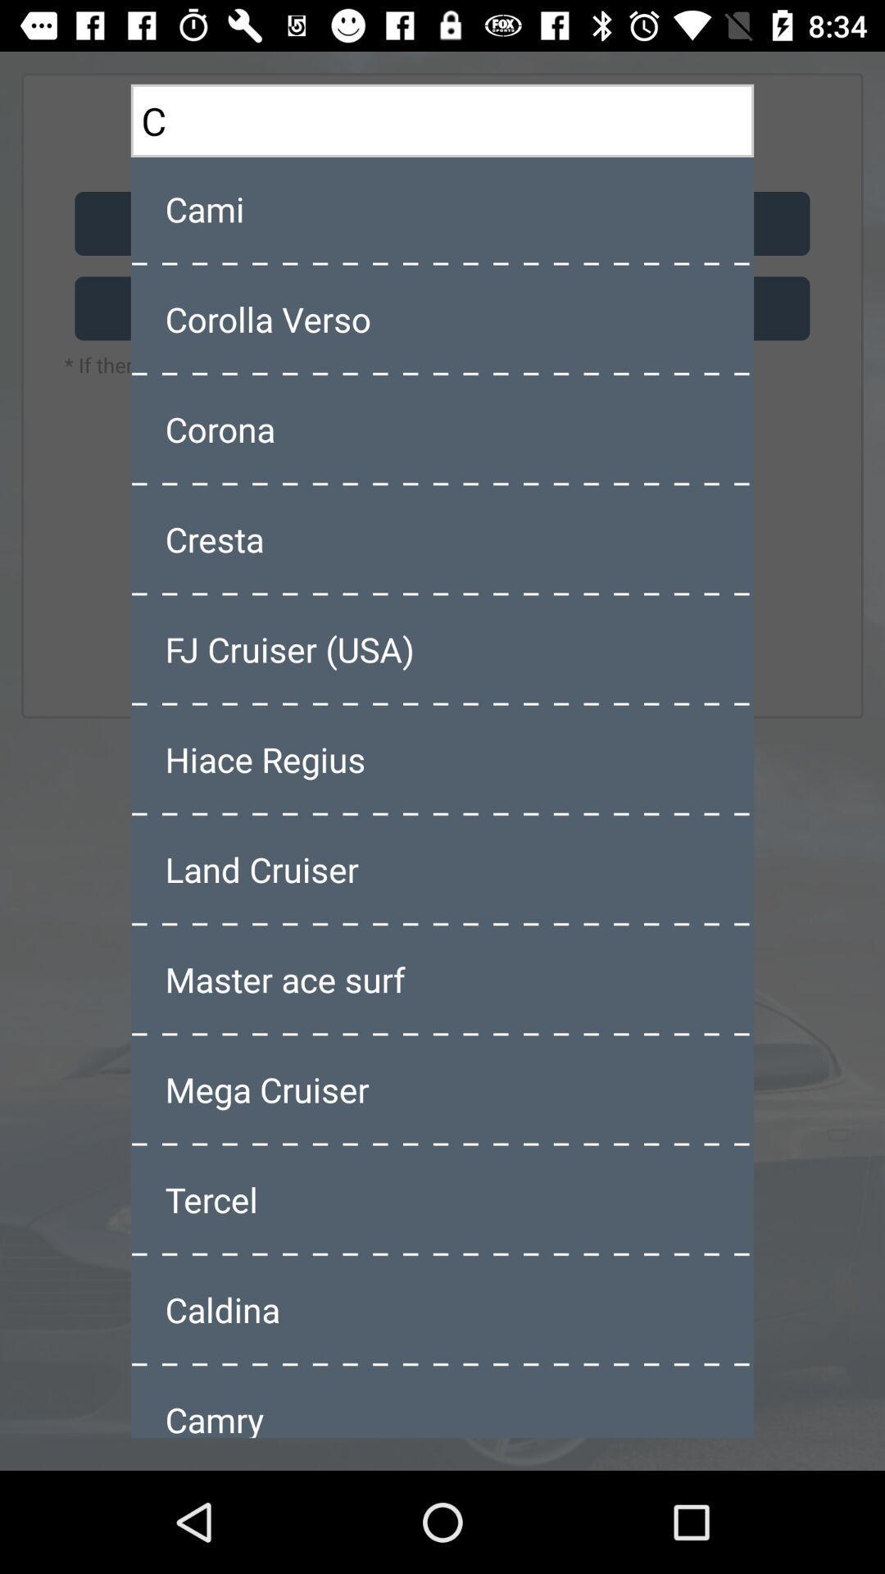 Image resolution: width=885 pixels, height=1574 pixels. Describe the element at coordinates (442, 1199) in the screenshot. I see `item above caldina item` at that location.